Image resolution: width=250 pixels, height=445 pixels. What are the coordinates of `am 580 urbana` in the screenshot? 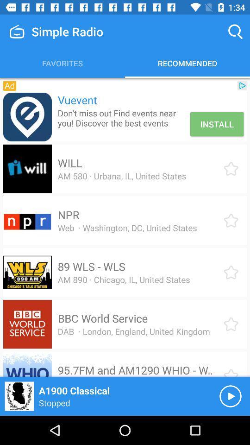 It's located at (122, 175).